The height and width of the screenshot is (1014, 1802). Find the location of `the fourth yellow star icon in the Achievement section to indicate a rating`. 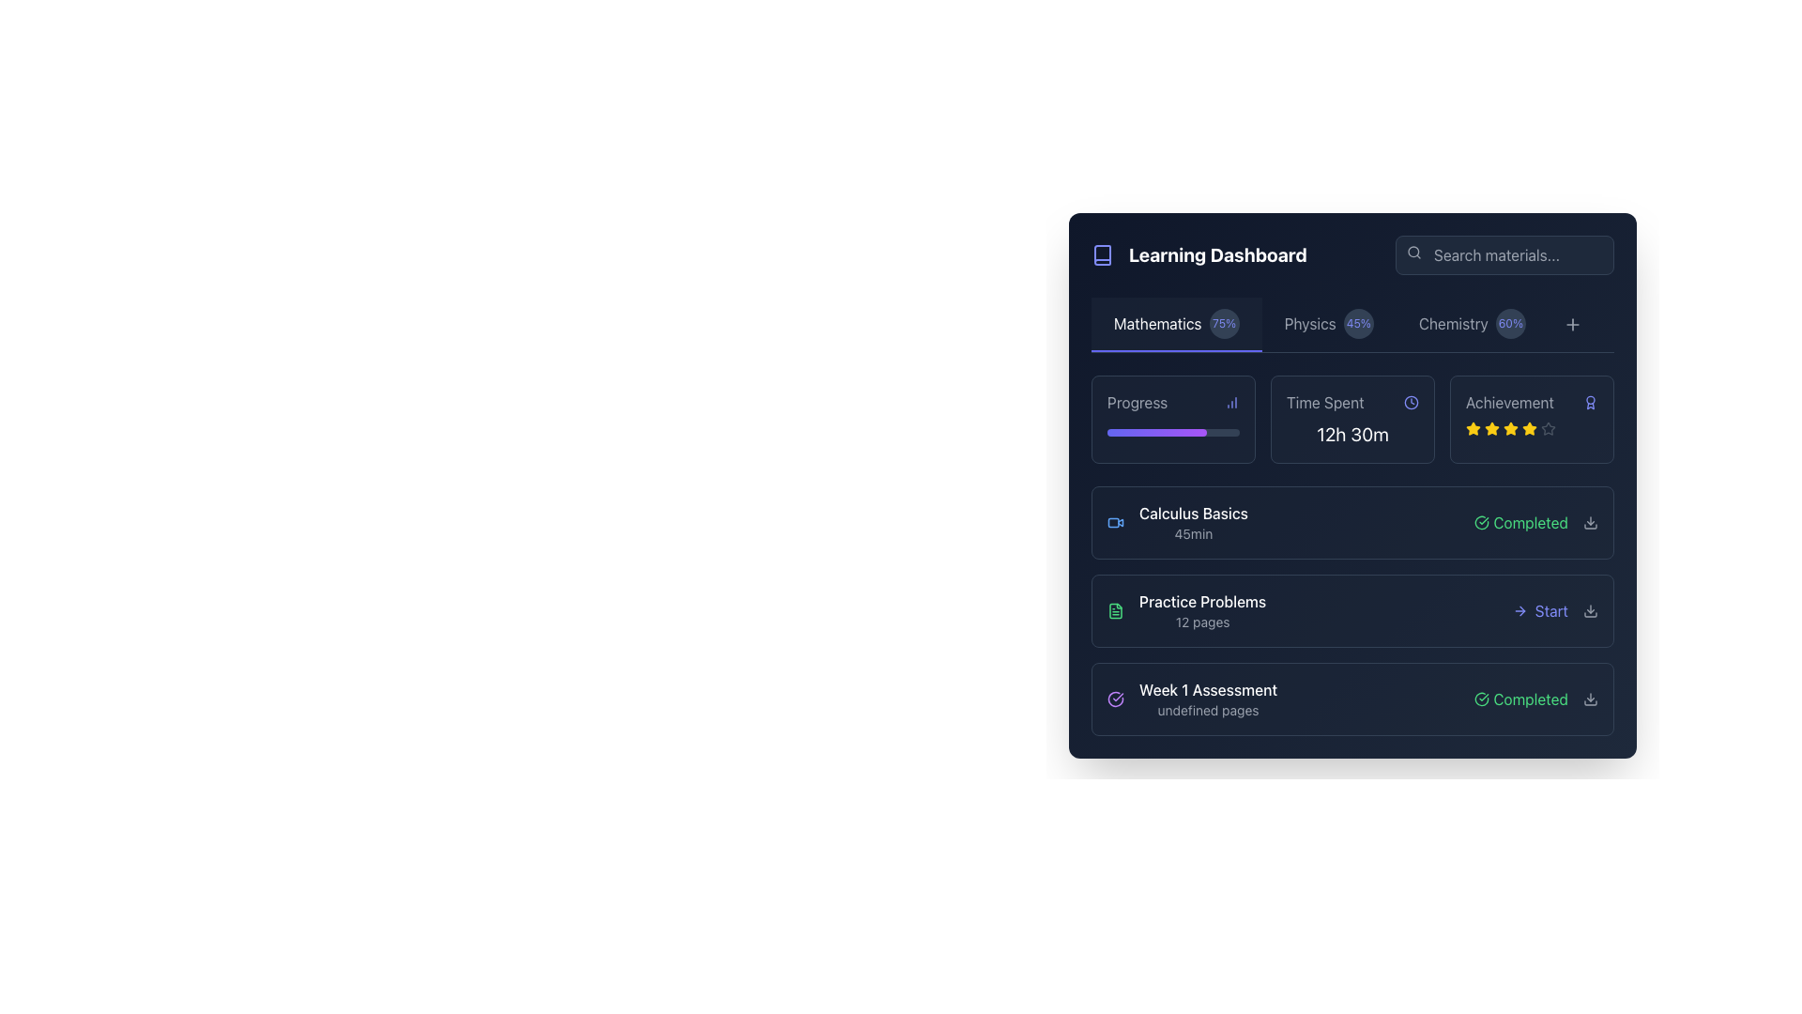

the fourth yellow star icon in the Achievement section to indicate a rating is located at coordinates (1510, 428).